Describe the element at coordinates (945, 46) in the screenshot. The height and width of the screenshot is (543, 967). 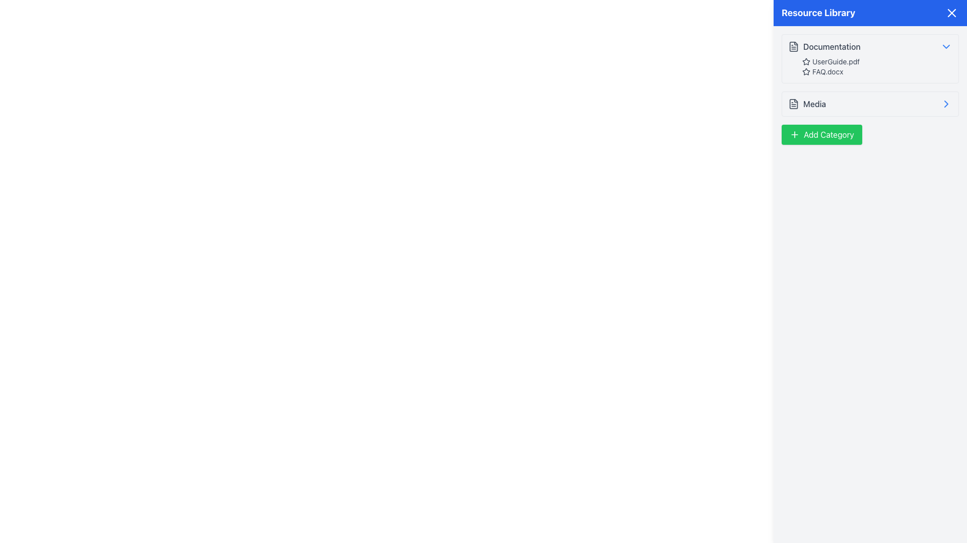
I see `the dropdown toggle icon, which is a small, downward-pointing chevron icon located to the far right of the 'Documentation' section in the 'Resource Library' pane` at that location.